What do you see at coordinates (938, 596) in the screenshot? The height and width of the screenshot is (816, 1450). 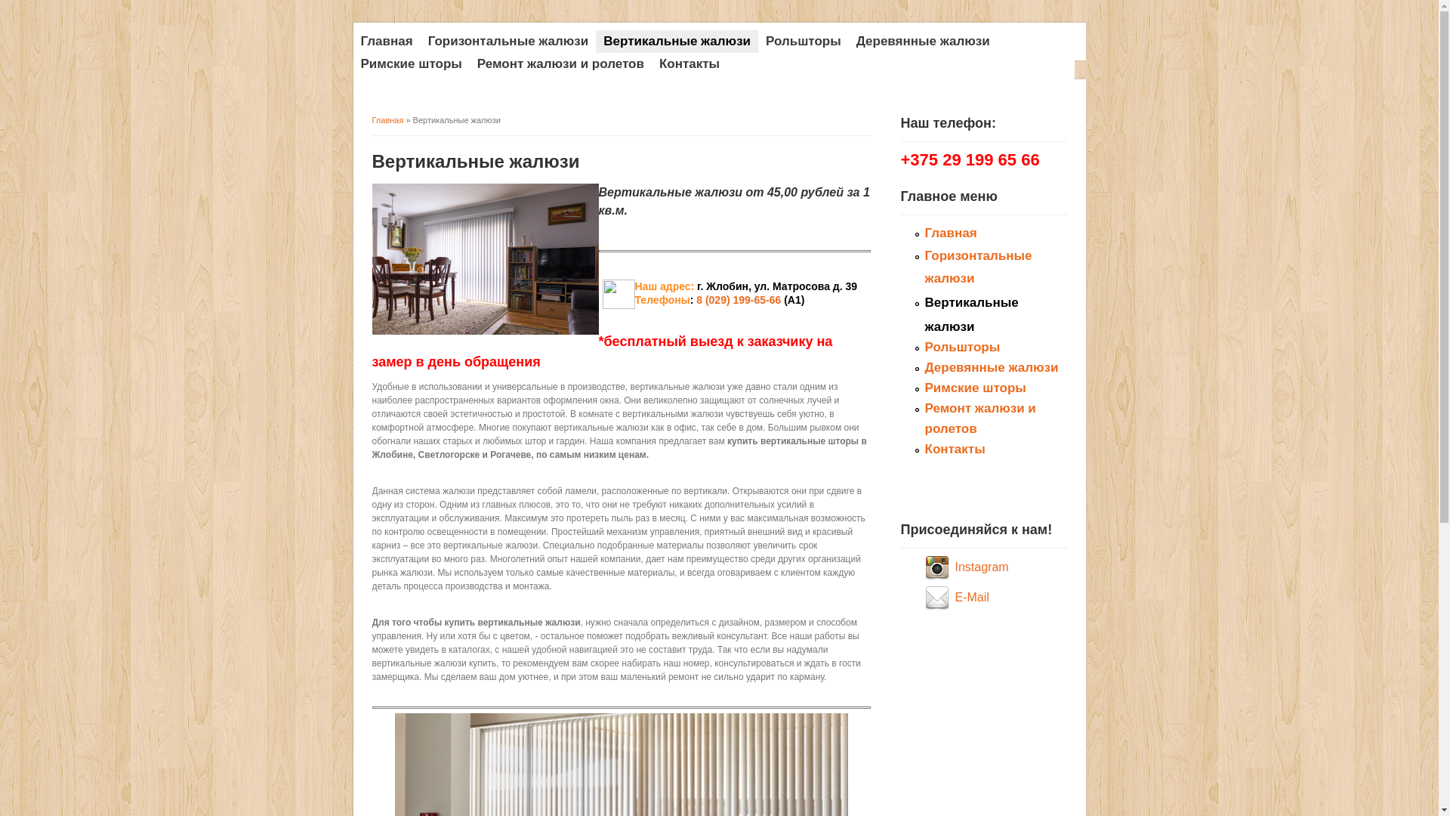 I see `'E-Mail'` at bounding box center [938, 596].